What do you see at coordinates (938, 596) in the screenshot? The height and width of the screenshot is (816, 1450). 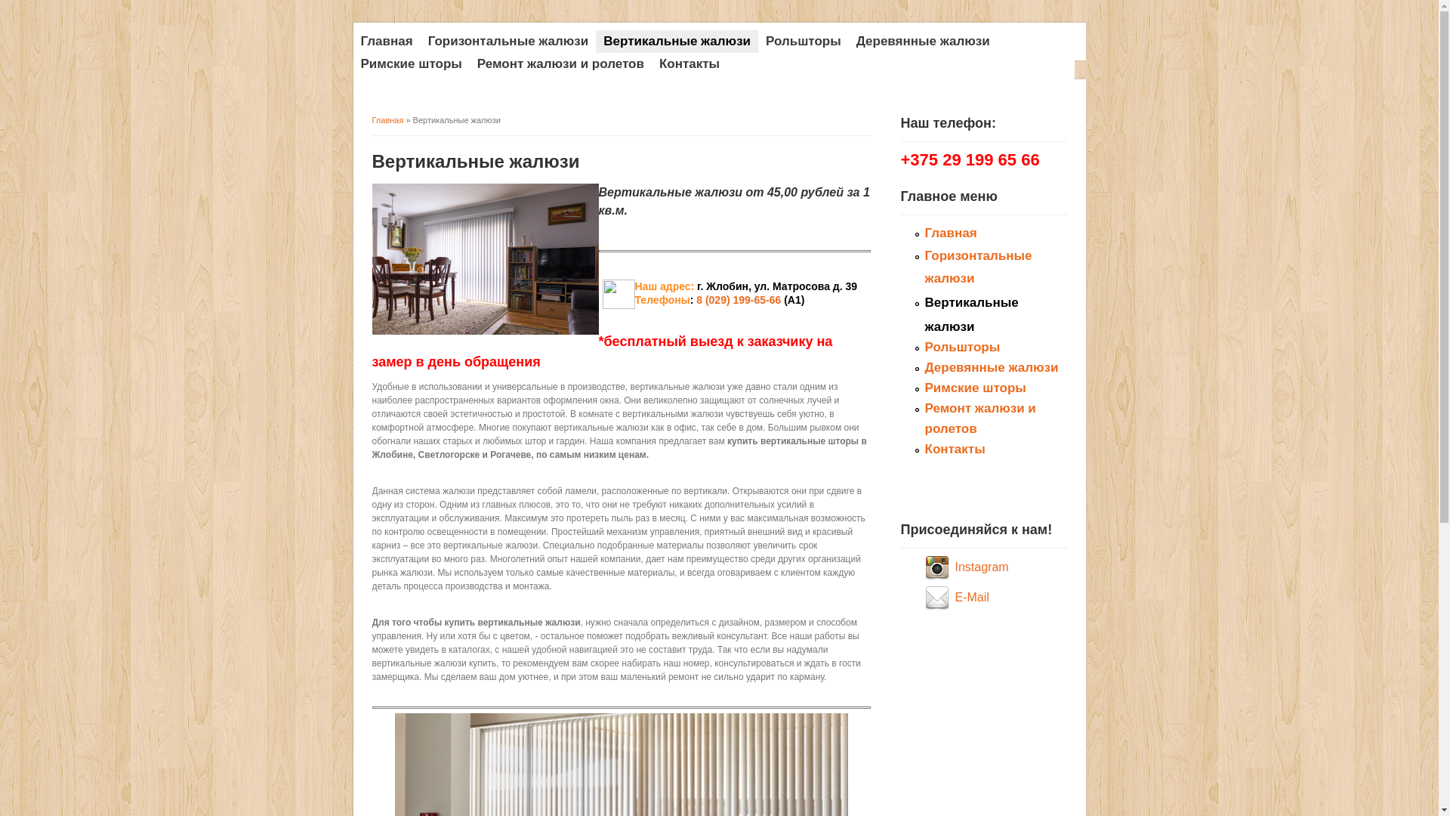 I see `'E-Mail'` at bounding box center [938, 596].